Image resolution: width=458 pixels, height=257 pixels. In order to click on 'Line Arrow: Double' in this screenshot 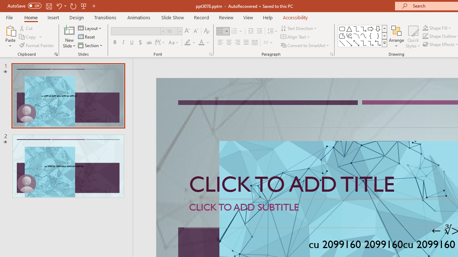, I will do `click(356, 43)`.